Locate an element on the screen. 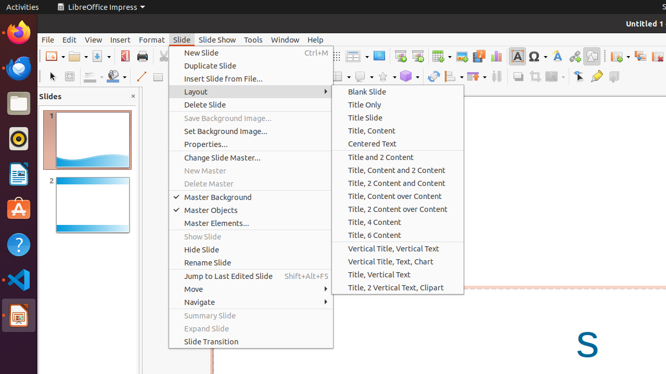  'Vertical Title, Text, Chart' is located at coordinates (397, 261).